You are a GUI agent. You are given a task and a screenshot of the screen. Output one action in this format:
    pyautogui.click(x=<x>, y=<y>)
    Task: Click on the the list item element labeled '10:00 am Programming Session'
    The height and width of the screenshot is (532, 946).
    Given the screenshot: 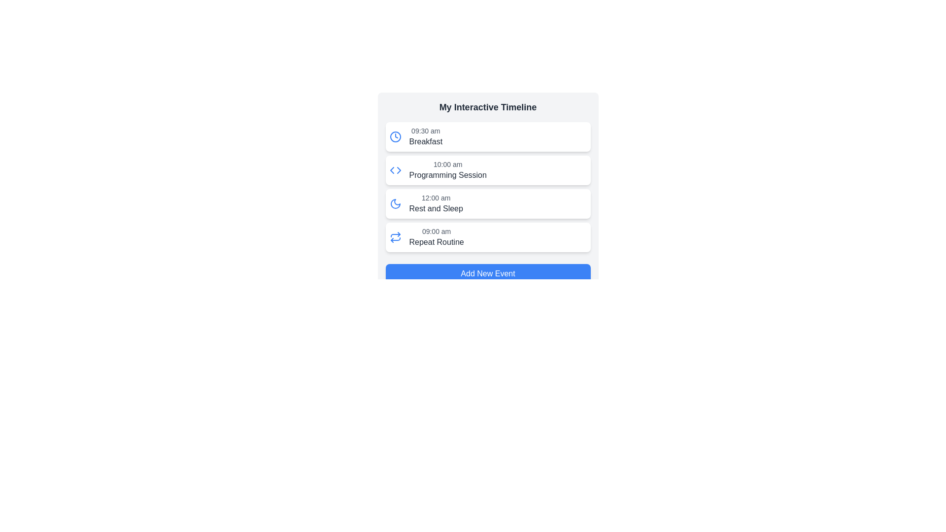 What is the action you would take?
    pyautogui.click(x=438, y=170)
    